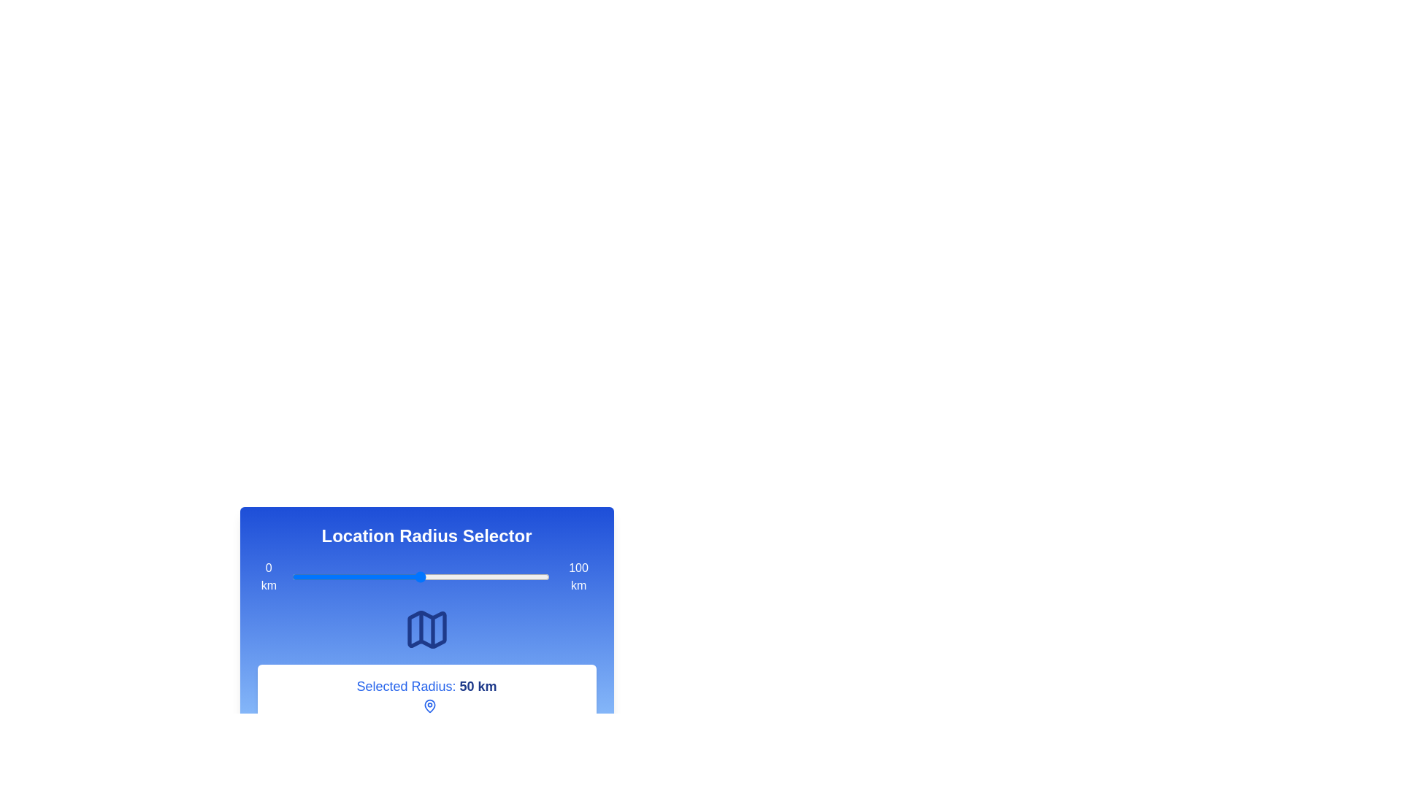 Image resolution: width=1402 pixels, height=788 pixels. I want to click on the range slider to set the radius to 10 km, so click(317, 576).